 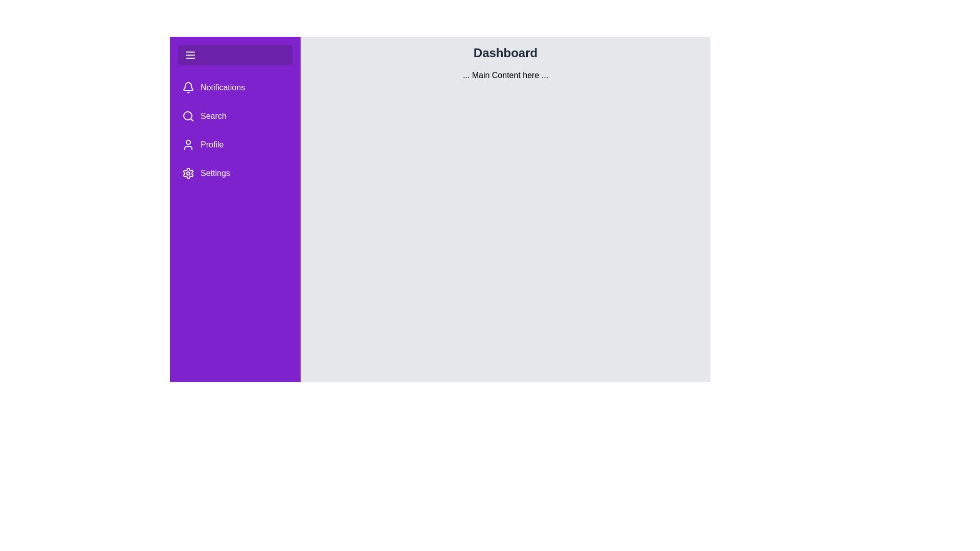 I want to click on the menu item labeled Search to observe its hover effect, so click(x=234, y=115).